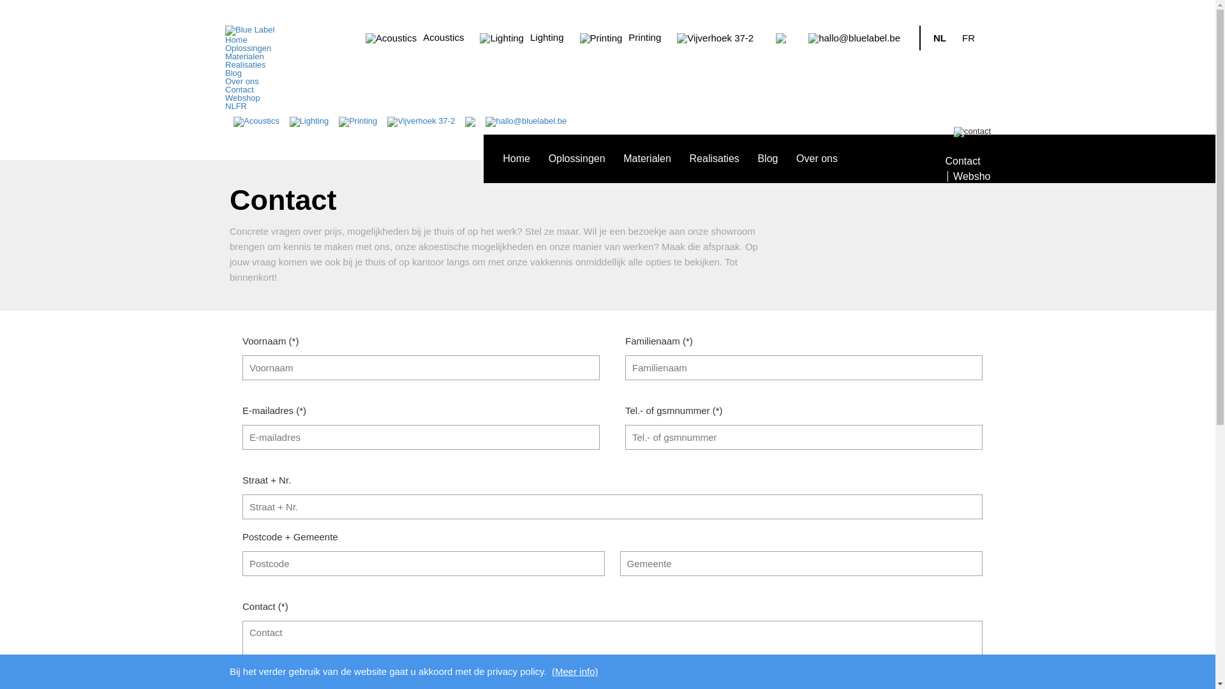 The image size is (1225, 689). I want to click on 'Oplossingen', so click(576, 158).